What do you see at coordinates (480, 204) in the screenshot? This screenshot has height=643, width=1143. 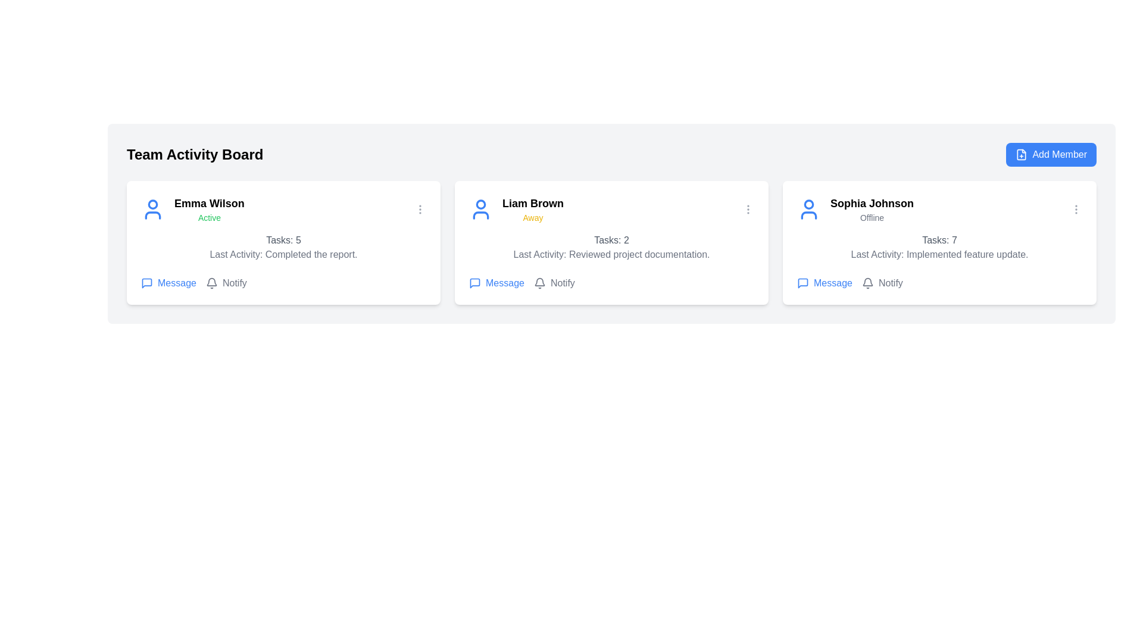 I see `circular graphics feature representing the head portion of the user icon for Liam Brown, which is centered within the user profile icon` at bounding box center [480, 204].